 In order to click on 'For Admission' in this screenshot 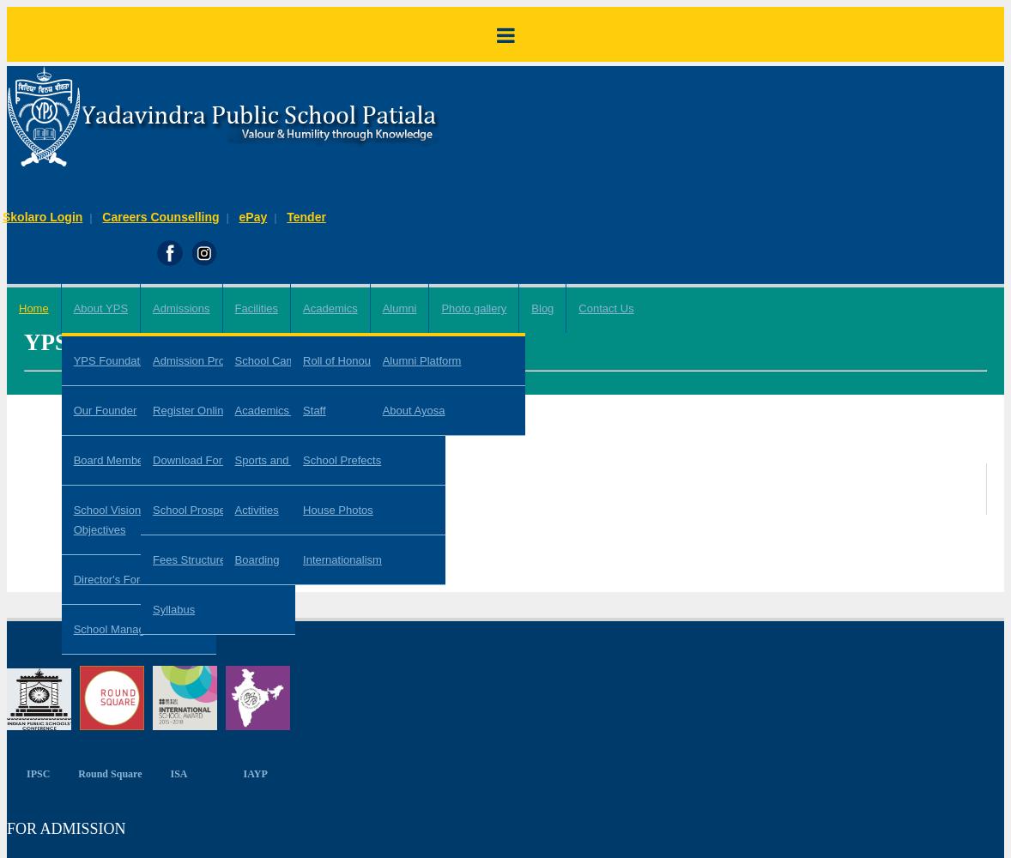, I will do `click(6, 827)`.